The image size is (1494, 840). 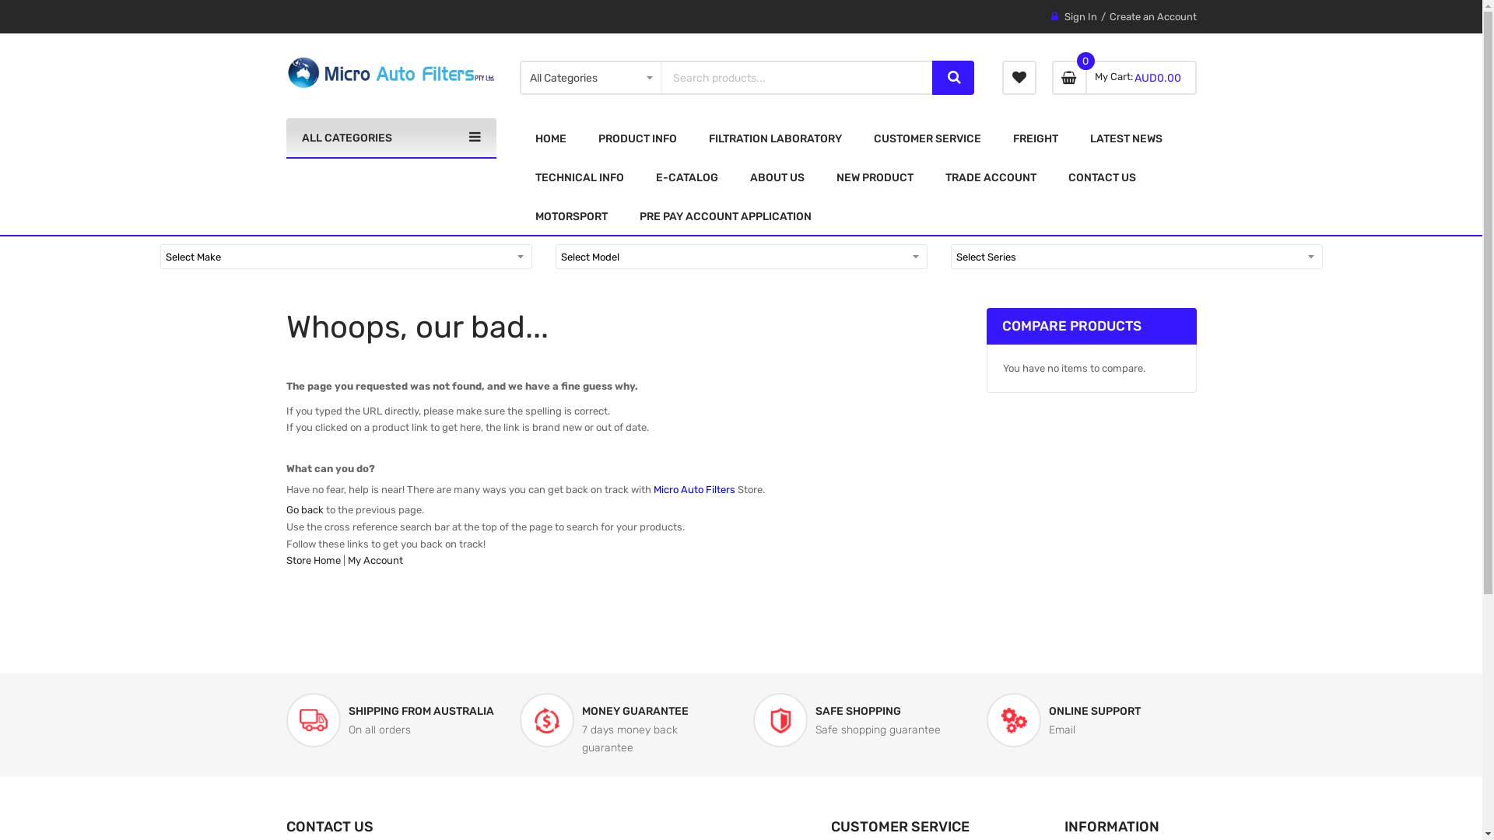 I want to click on 'CUSTOMER SERVICE', so click(x=857, y=137).